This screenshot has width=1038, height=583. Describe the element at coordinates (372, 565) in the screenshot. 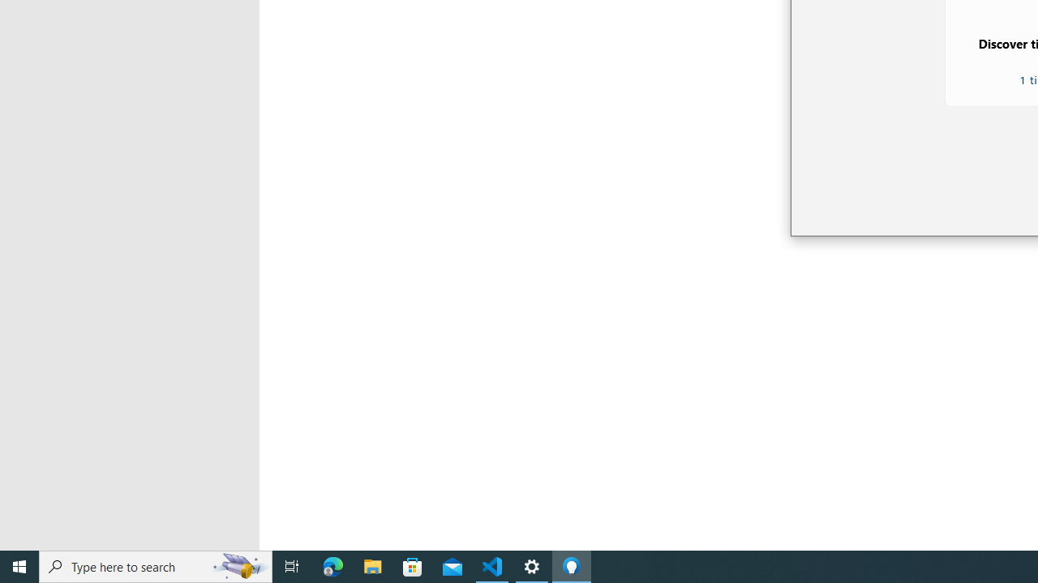

I see `'File Explorer'` at that location.